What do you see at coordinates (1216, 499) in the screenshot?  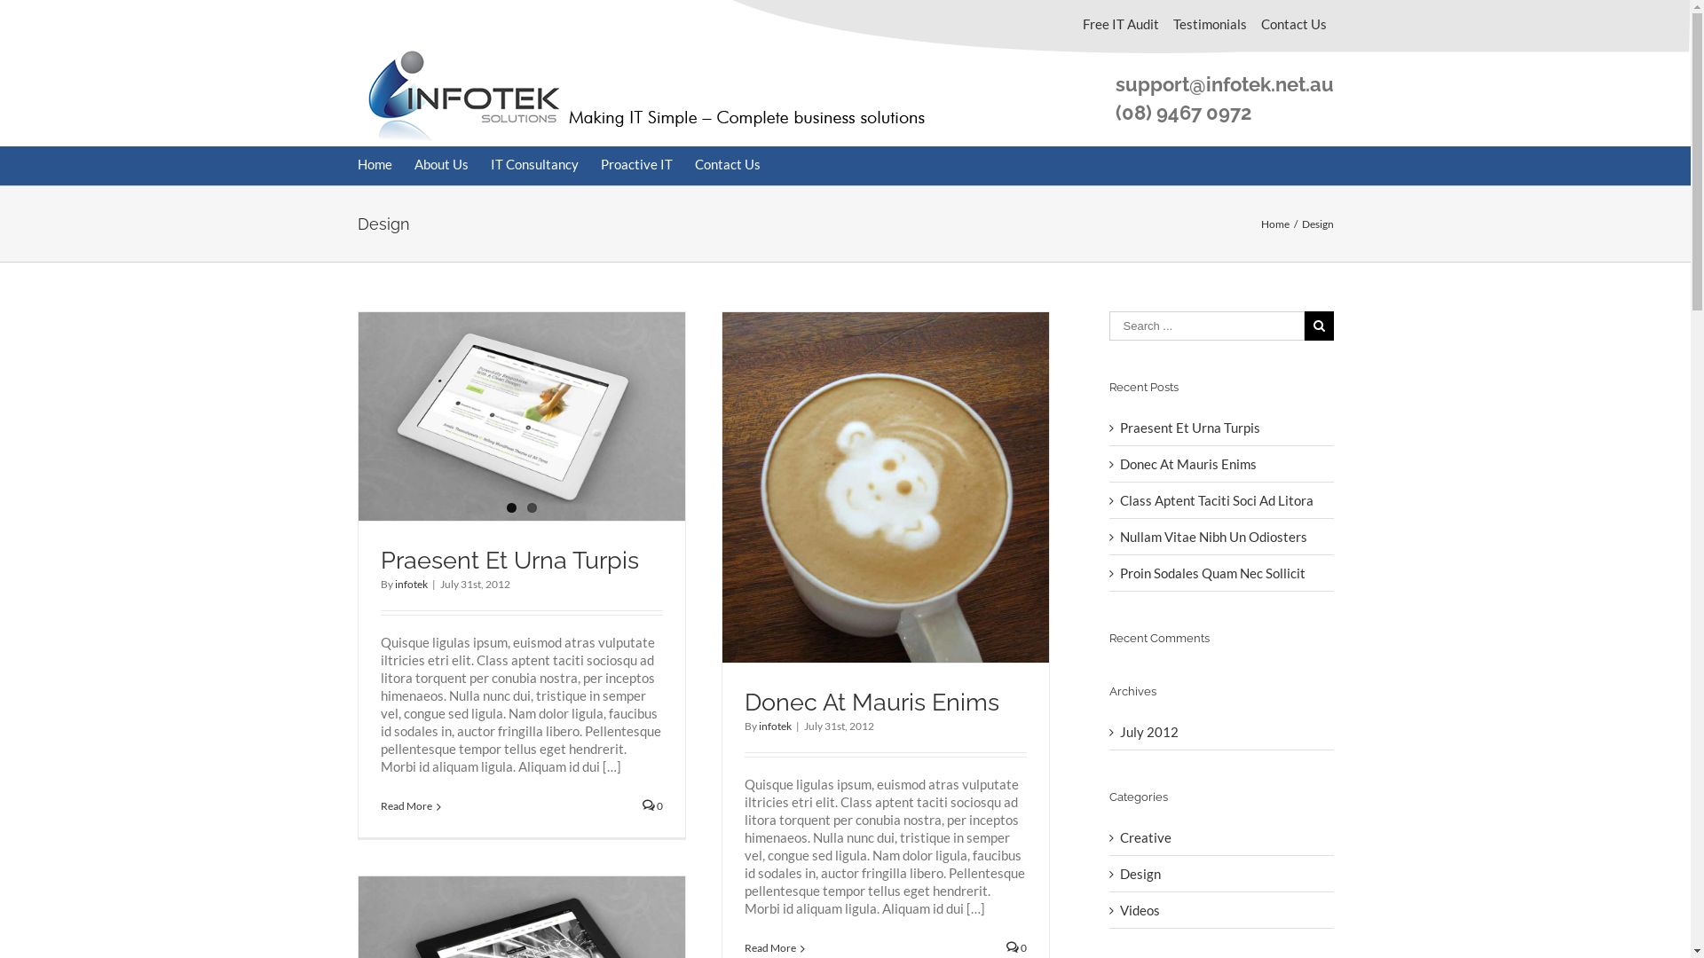 I see `'Class Aptent Taciti Soci Ad Litora'` at bounding box center [1216, 499].